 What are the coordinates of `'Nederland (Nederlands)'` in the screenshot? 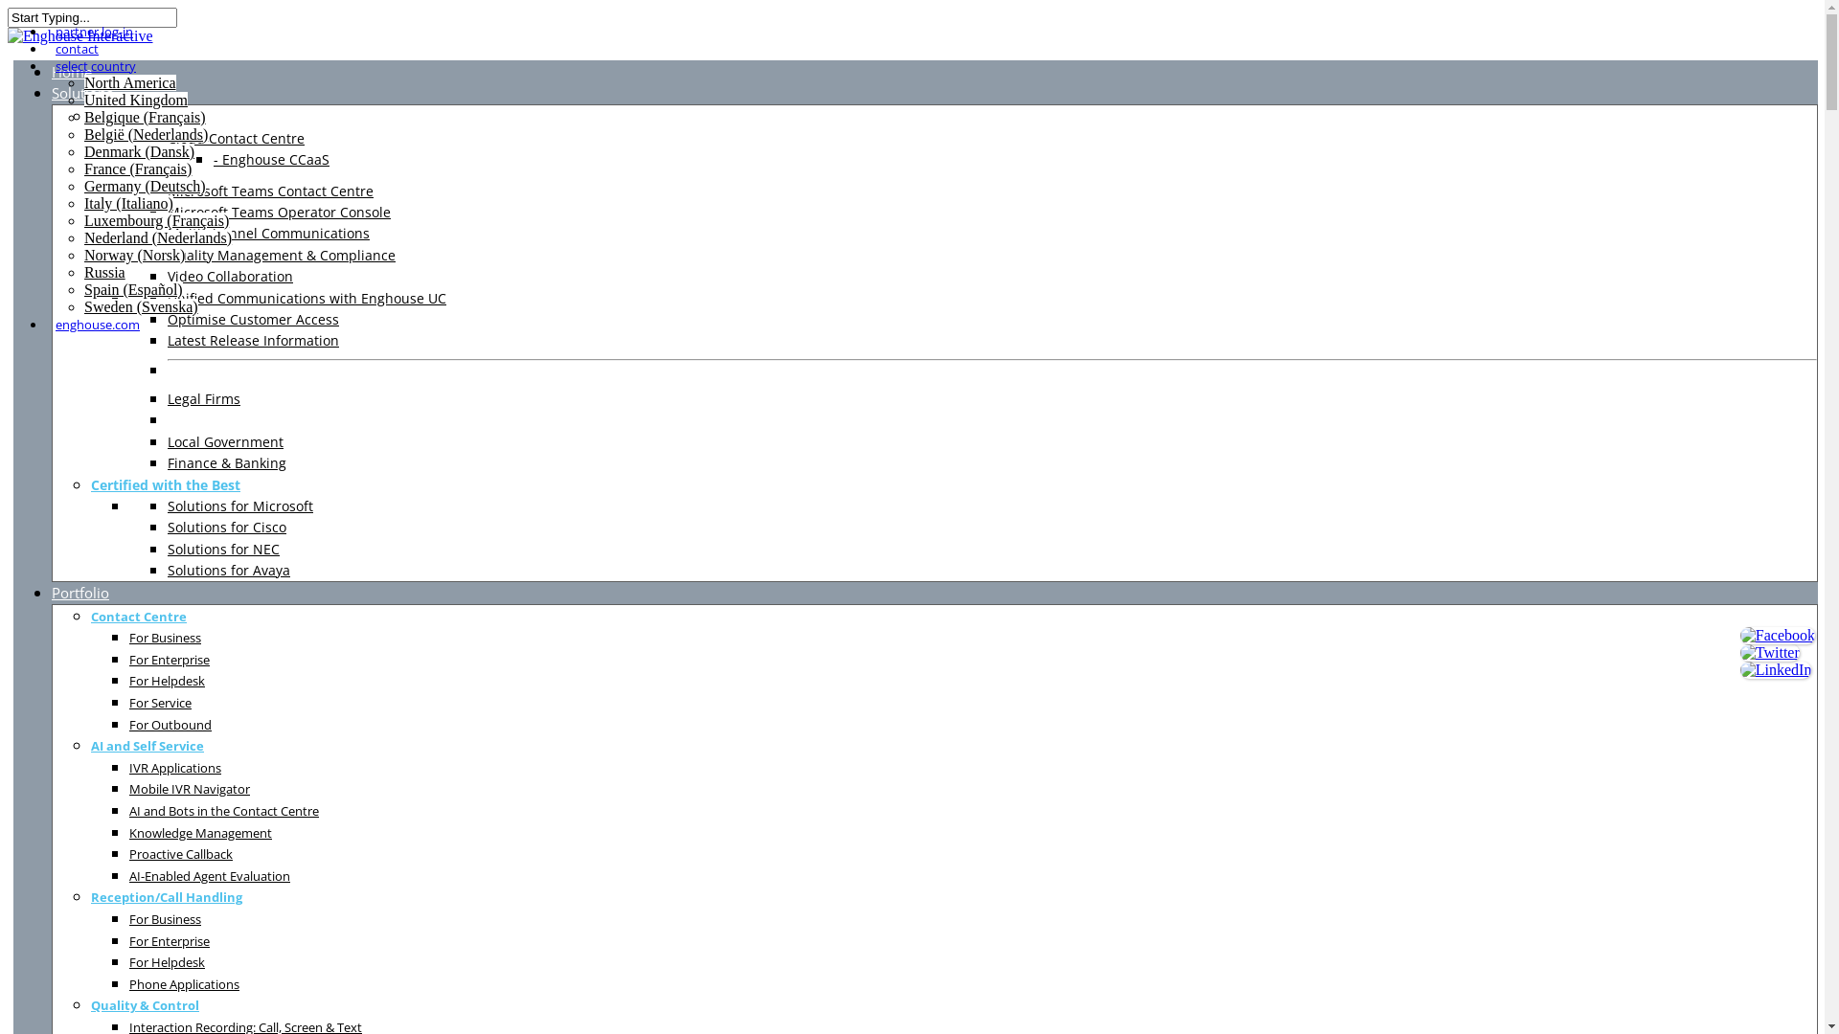 It's located at (157, 236).